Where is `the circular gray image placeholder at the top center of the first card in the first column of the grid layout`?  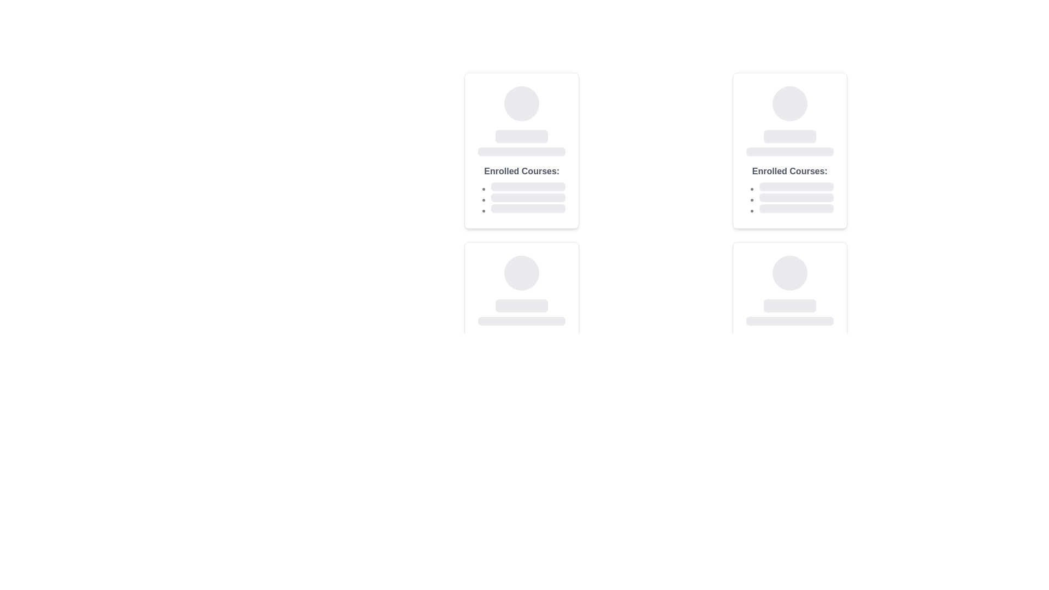
the circular gray image placeholder at the top center of the first card in the first column of the grid layout is located at coordinates (521, 103).